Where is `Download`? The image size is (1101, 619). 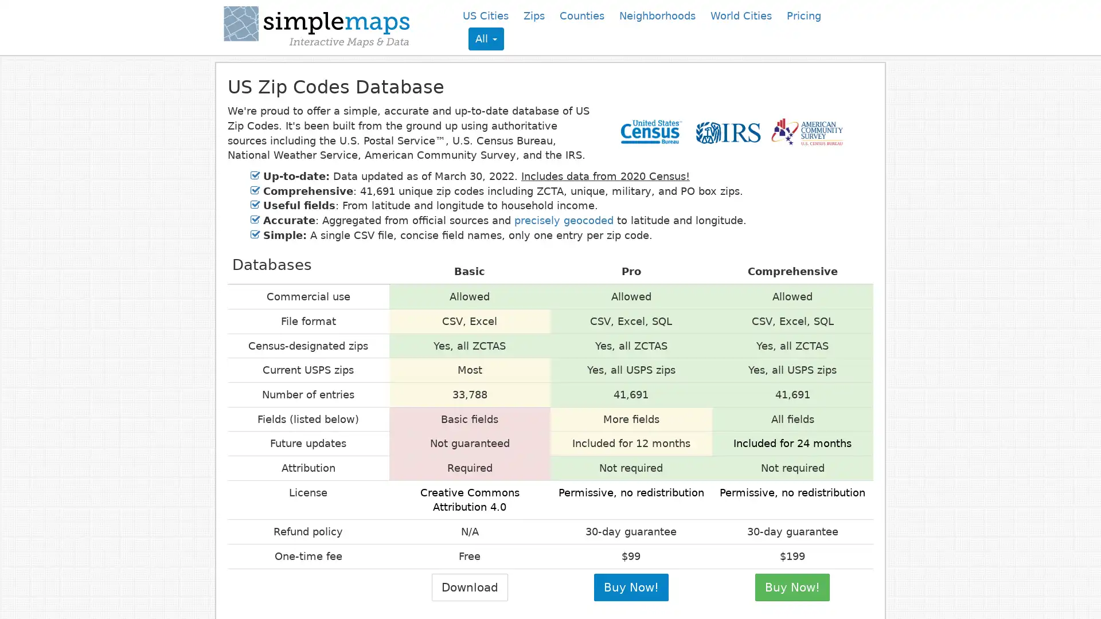 Download is located at coordinates (469, 587).